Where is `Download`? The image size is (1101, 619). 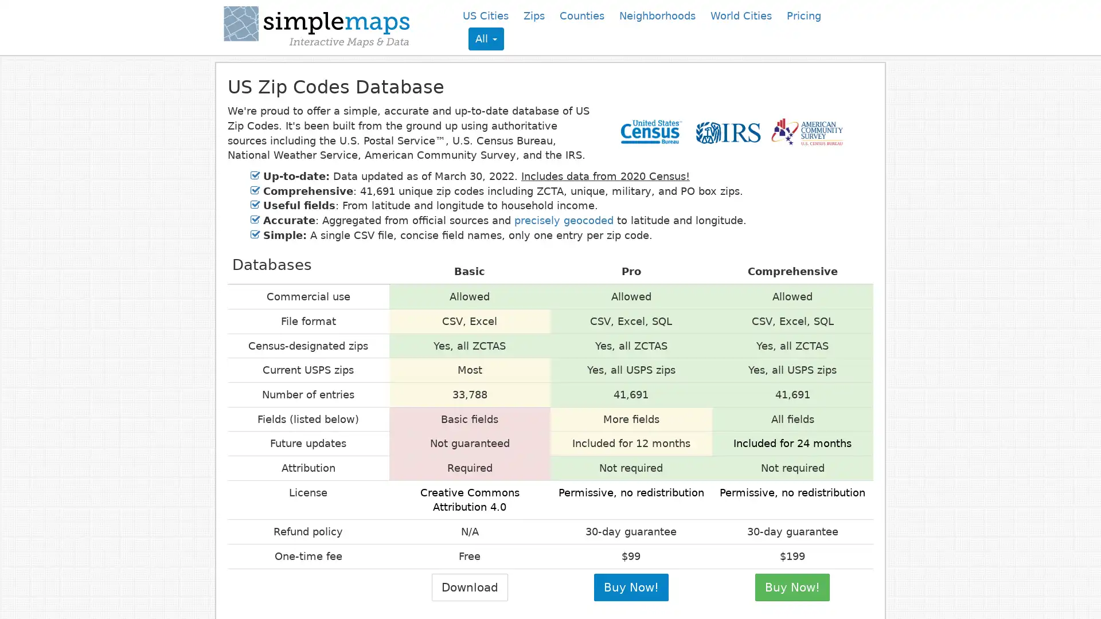 Download is located at coordinates (469, 587).